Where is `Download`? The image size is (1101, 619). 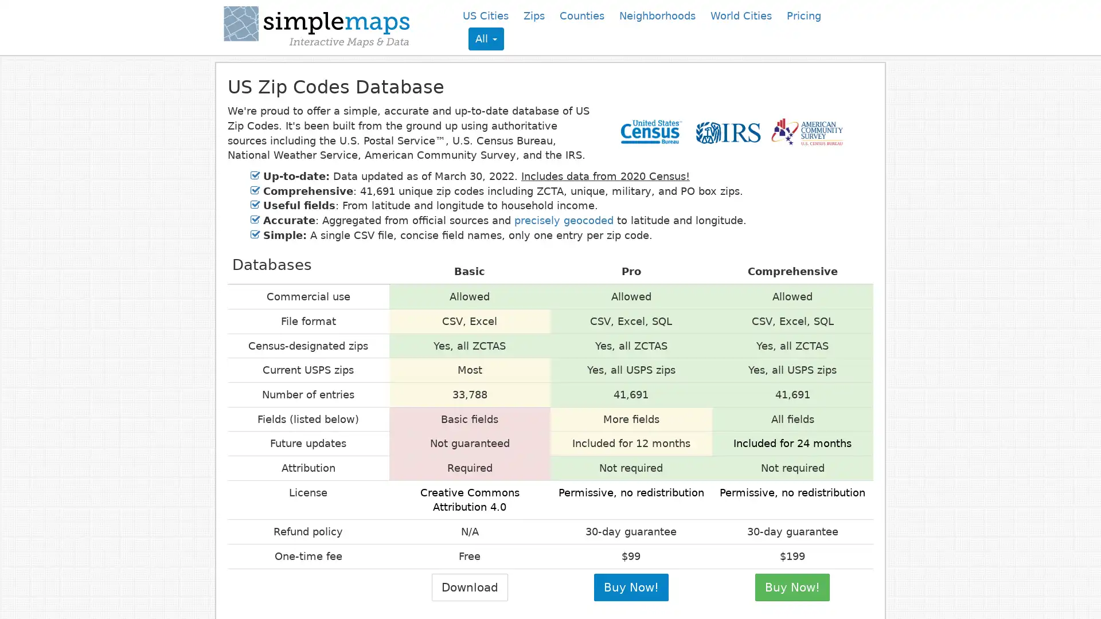 Download is located at coordinates (469, 587).